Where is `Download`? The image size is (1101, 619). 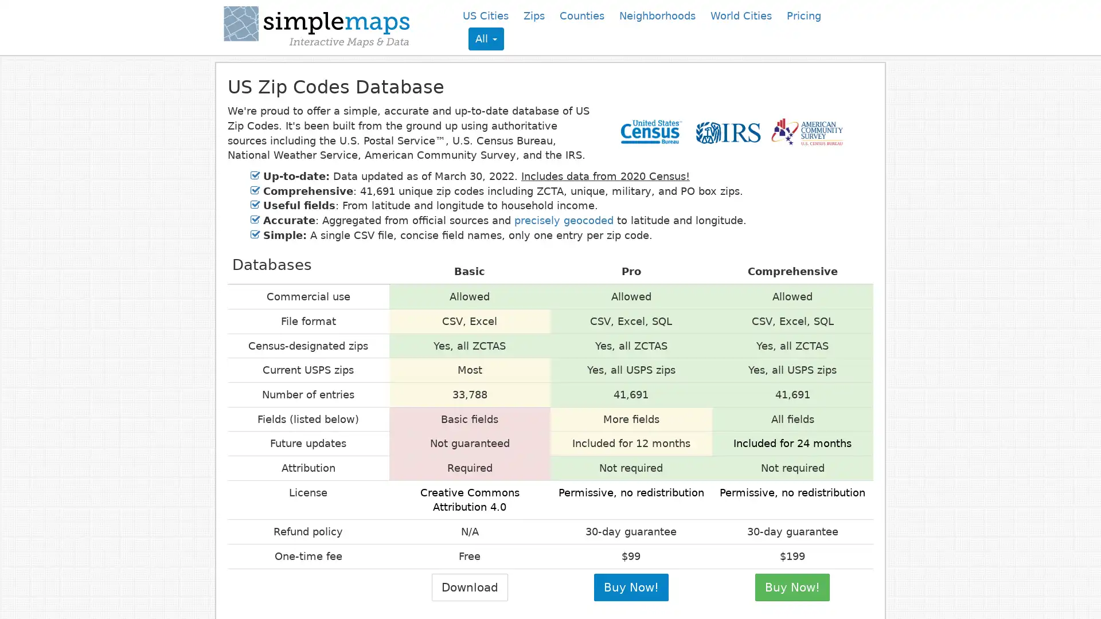 Download is located at coordinates (469, 587).